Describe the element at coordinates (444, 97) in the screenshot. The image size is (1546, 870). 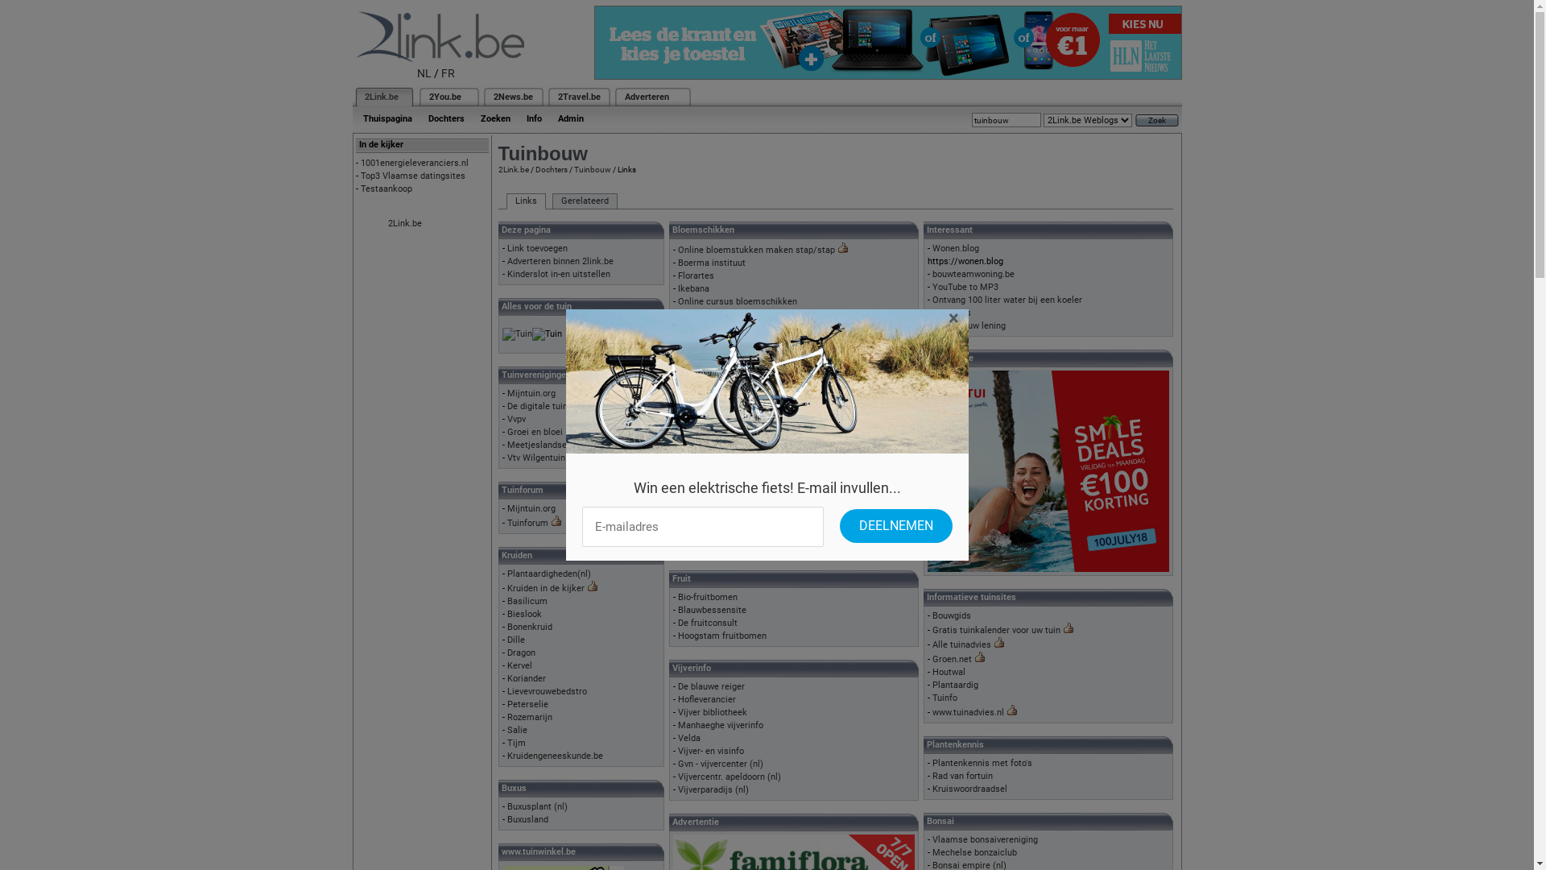
I see `'2You.be'` at that location.